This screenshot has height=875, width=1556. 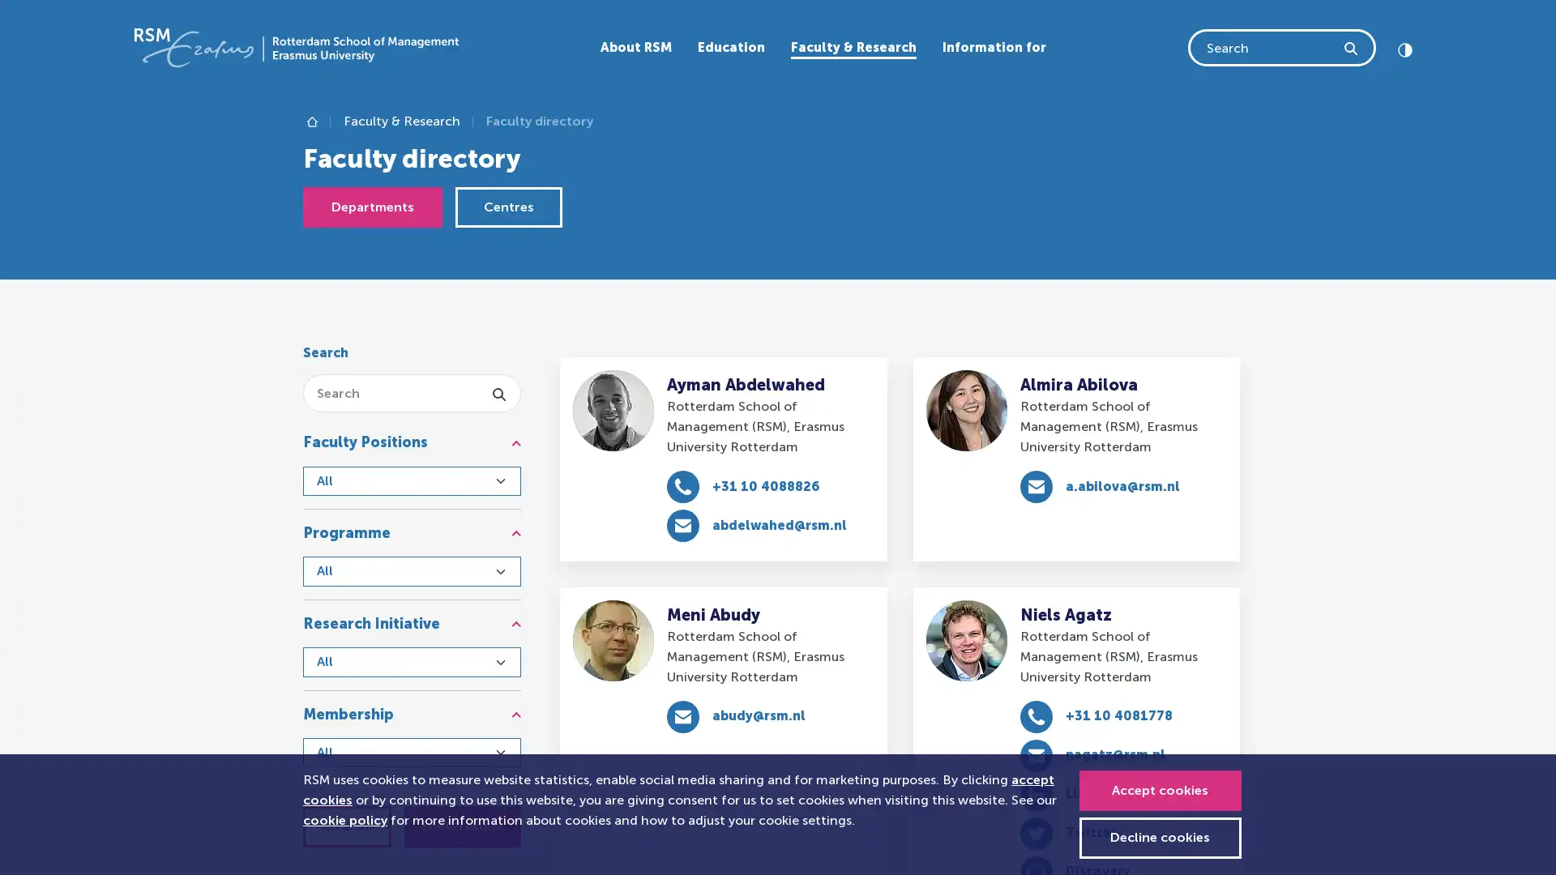 I want to click on Show results, so click(x=461, y=826).